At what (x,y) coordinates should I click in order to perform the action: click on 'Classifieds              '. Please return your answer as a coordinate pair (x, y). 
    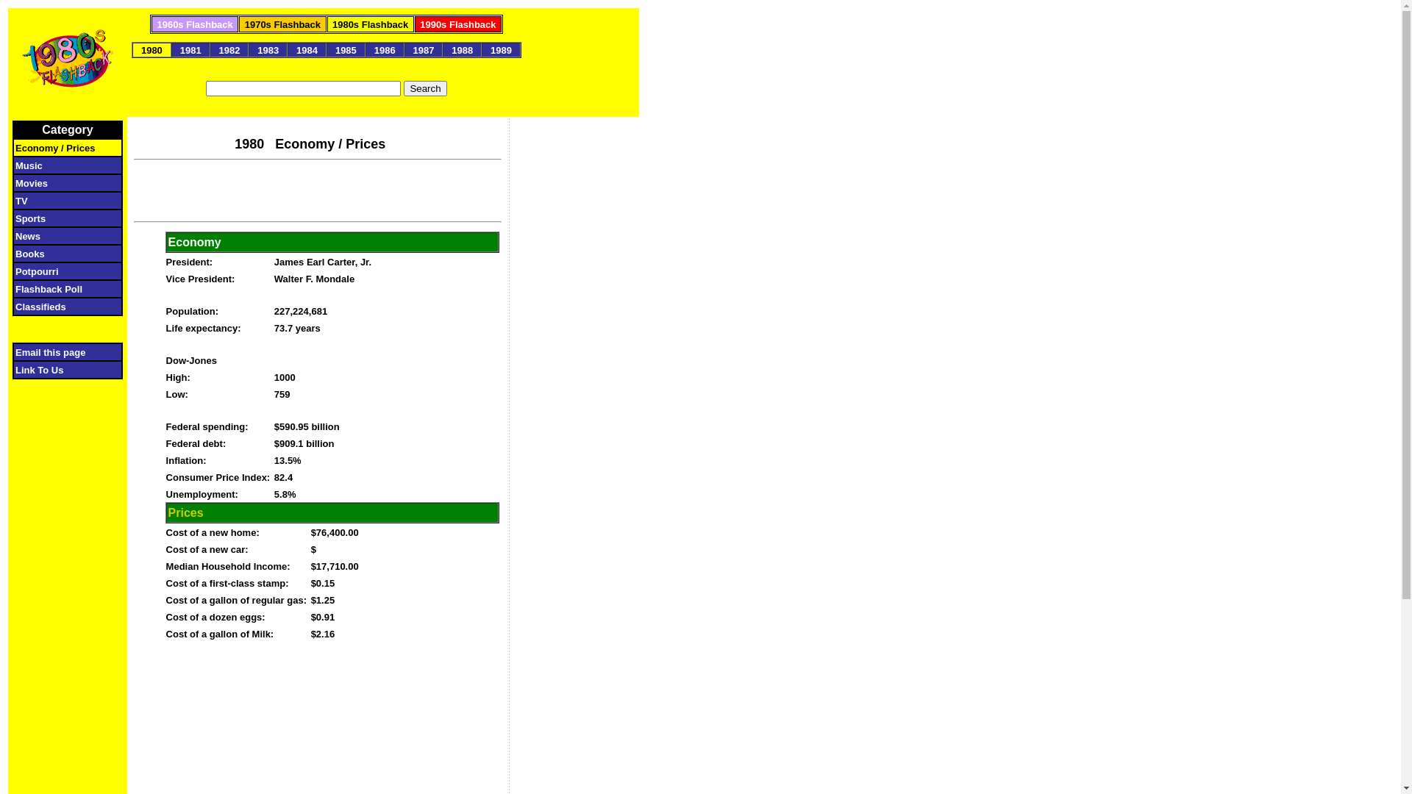
    Looking at the image, I should click on (59, 305).